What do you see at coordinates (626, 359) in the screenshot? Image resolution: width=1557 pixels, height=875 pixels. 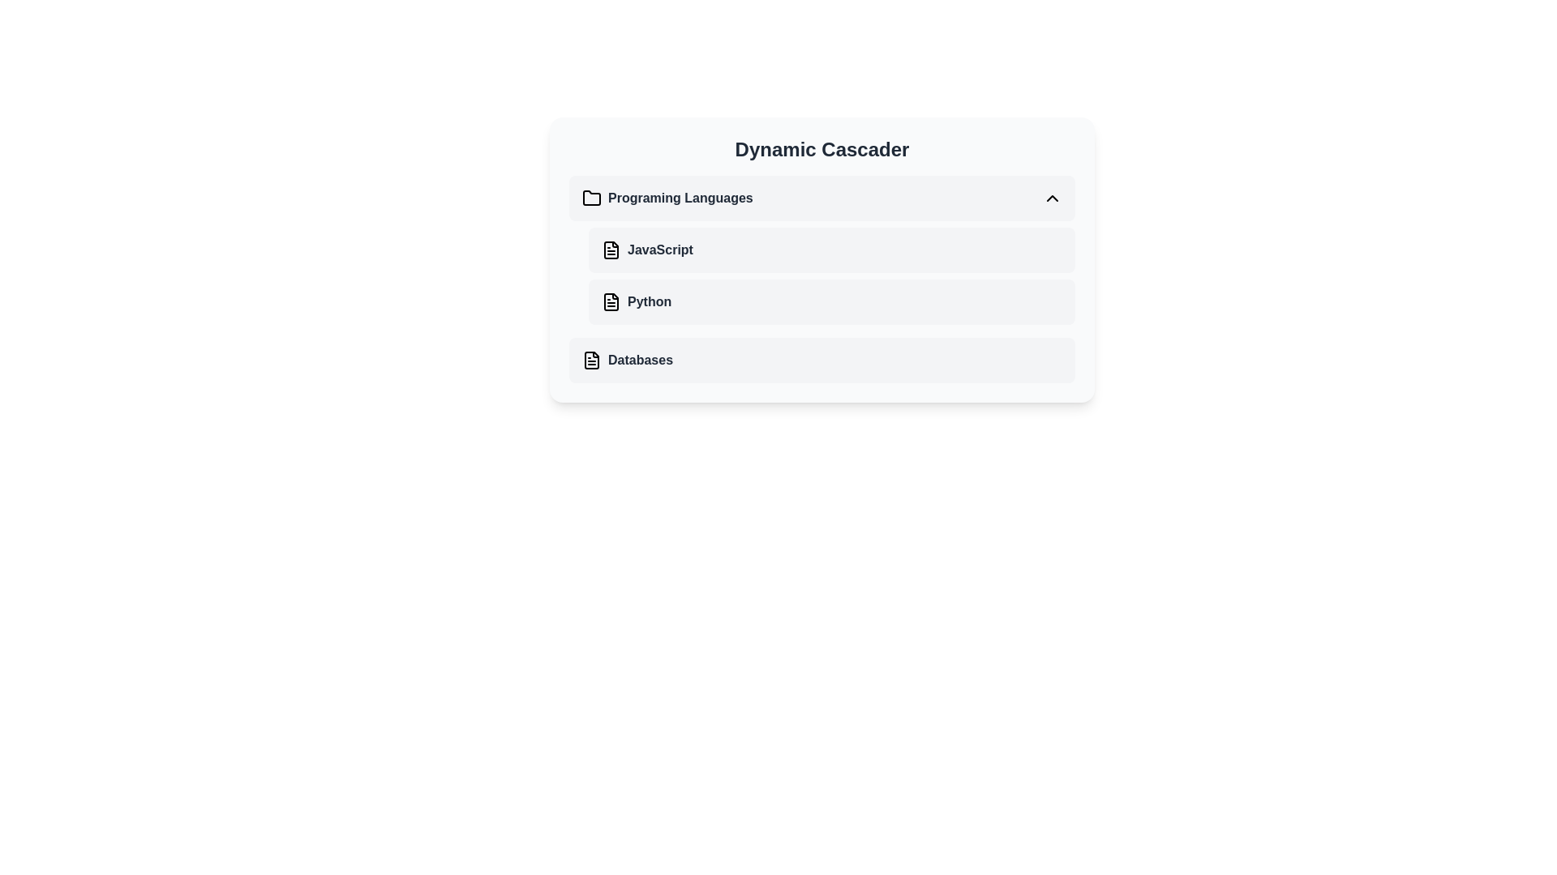 I see `the last item in the 'Dynamic Cascader' section, which is a Text Label with Icon related to databases` at bounding box center [626, 359].